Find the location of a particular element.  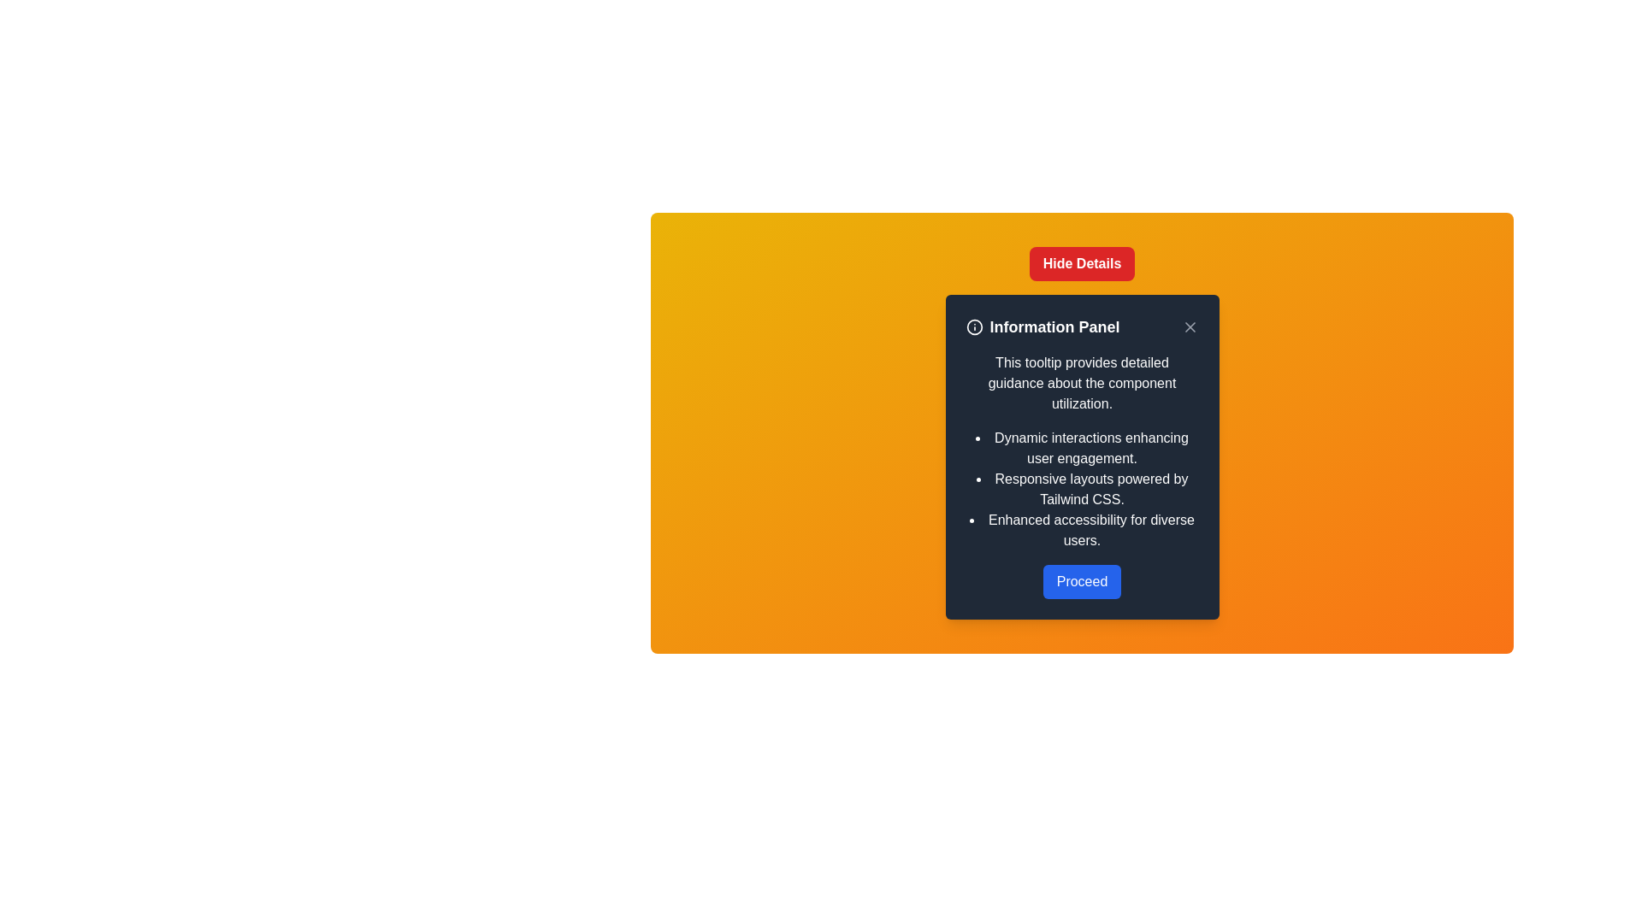

the circular information icon located to the left of the 'Information Panel' text for guidance is located at coordinates (974, 326).